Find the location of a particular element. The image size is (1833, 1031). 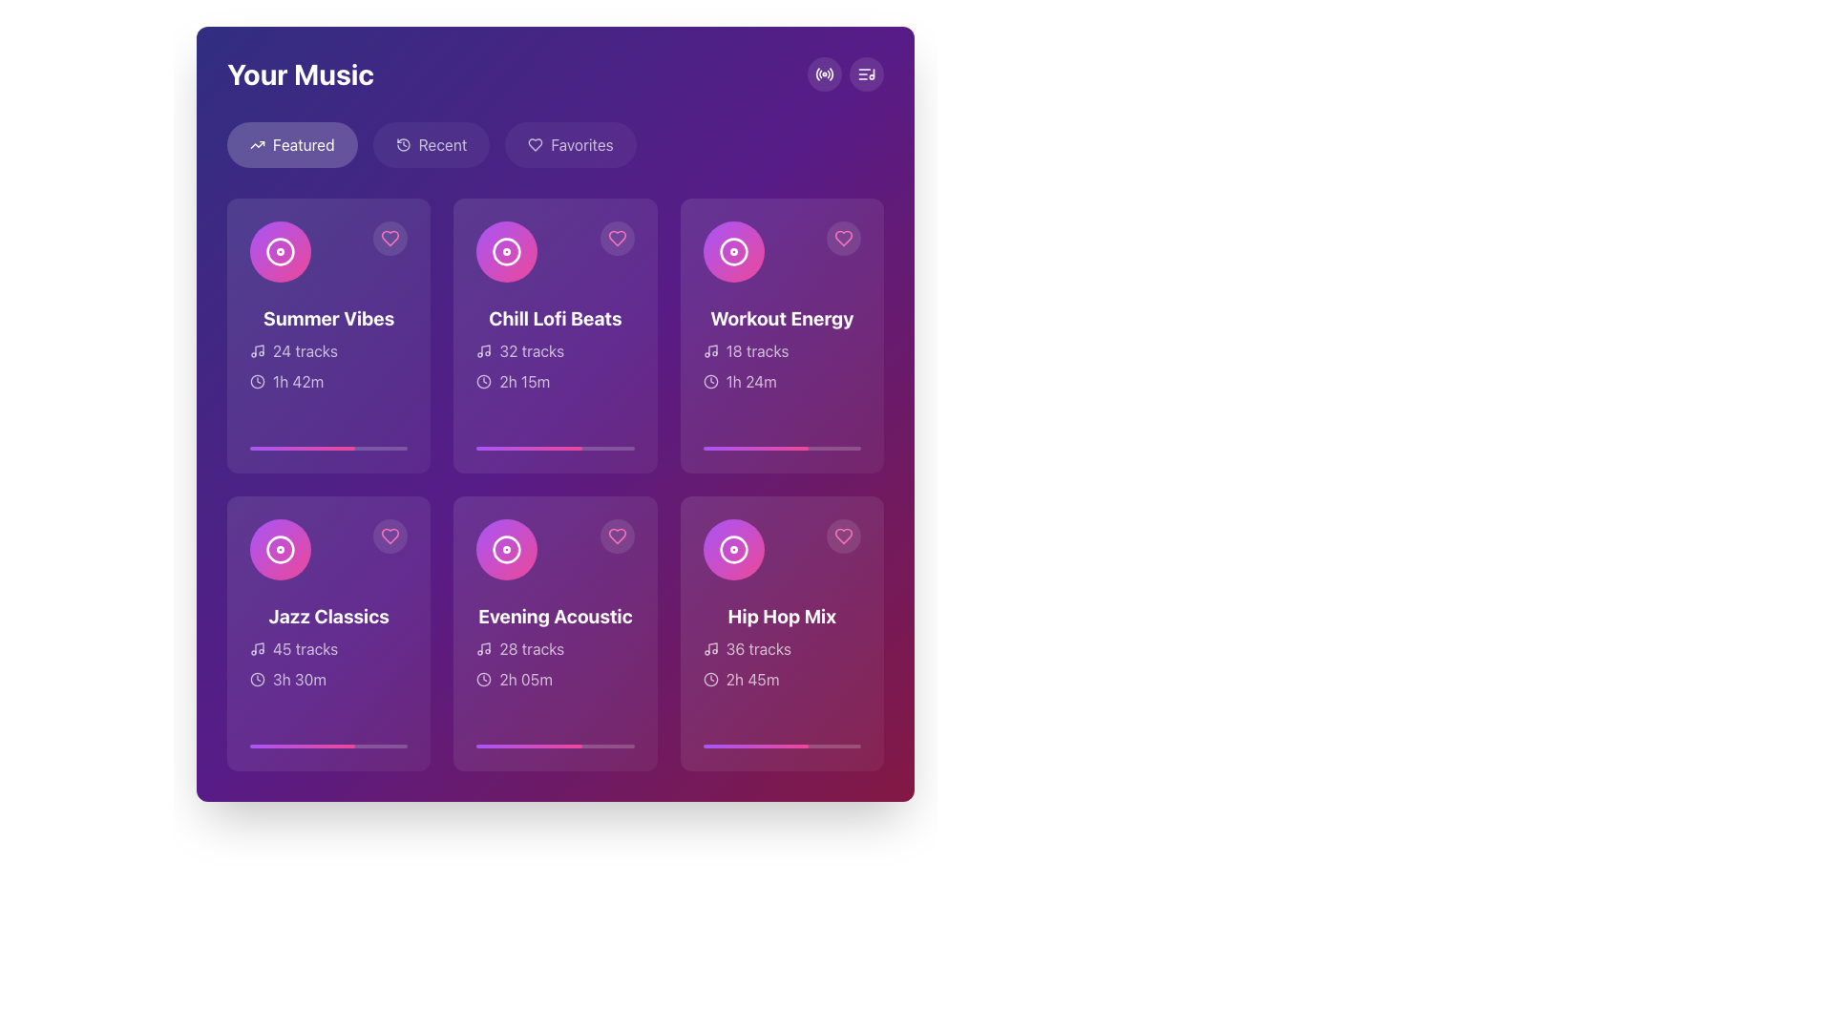

the information displayed in the 'Hip Hop Mix' playlist text label, which shows '36 tracks' and '2h 45m' playtime, located in the bottom-right corner of the music collection grid is located at coordinates (782, 663).